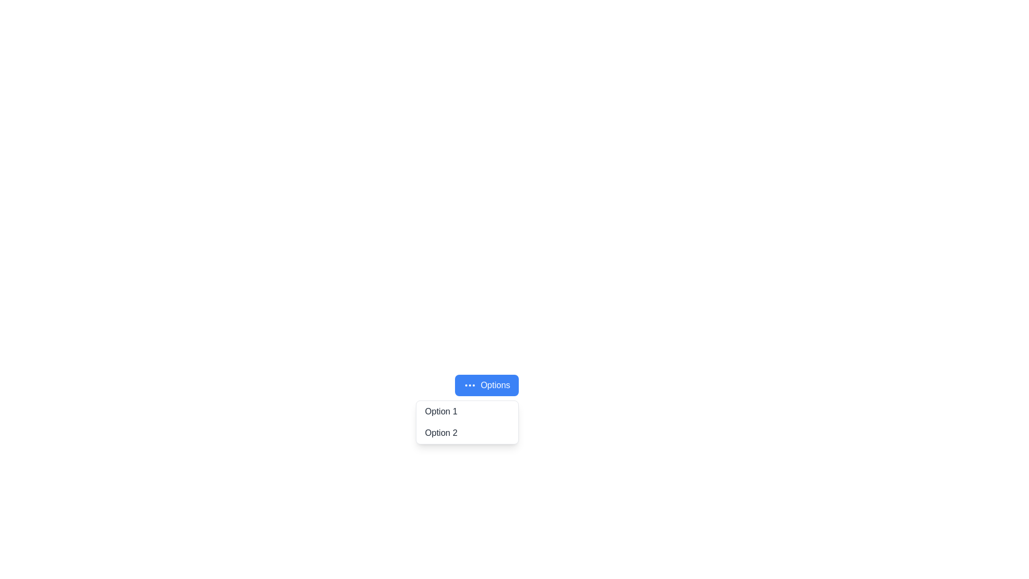  What do you see at coordinates (467, 421) in the screenshot?
I see `the dropdown menu` at bounding box center [467, 421].